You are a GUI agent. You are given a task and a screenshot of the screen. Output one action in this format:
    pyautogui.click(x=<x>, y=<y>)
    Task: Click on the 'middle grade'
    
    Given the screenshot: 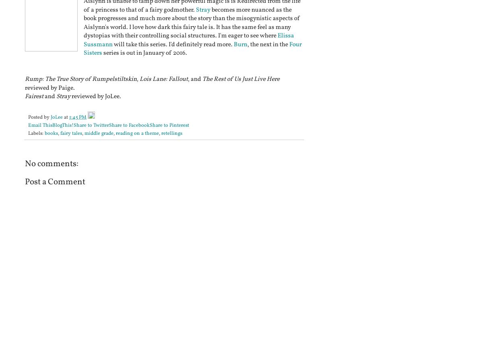 What is the action you would take?
    pyautogui.click(x=99, y=133)
    